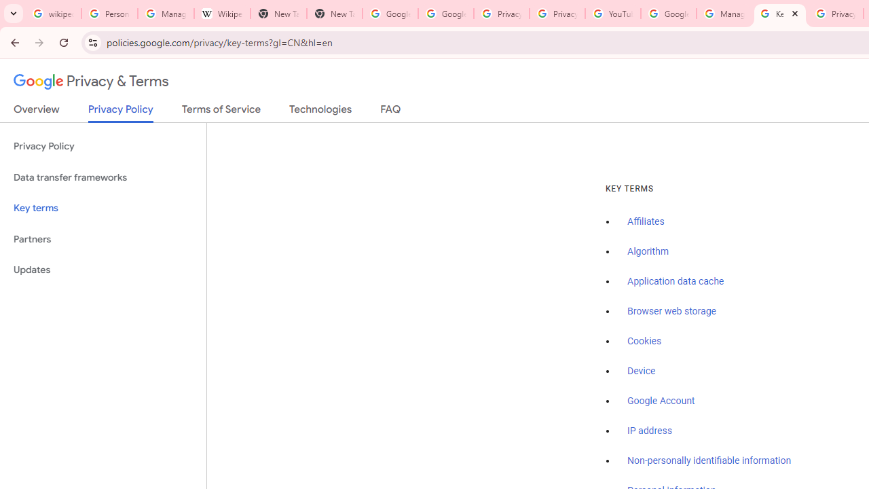 The image size is (869, 489). I want to click on 'Manage your Location History - Google Search Help', so click(165, 14).